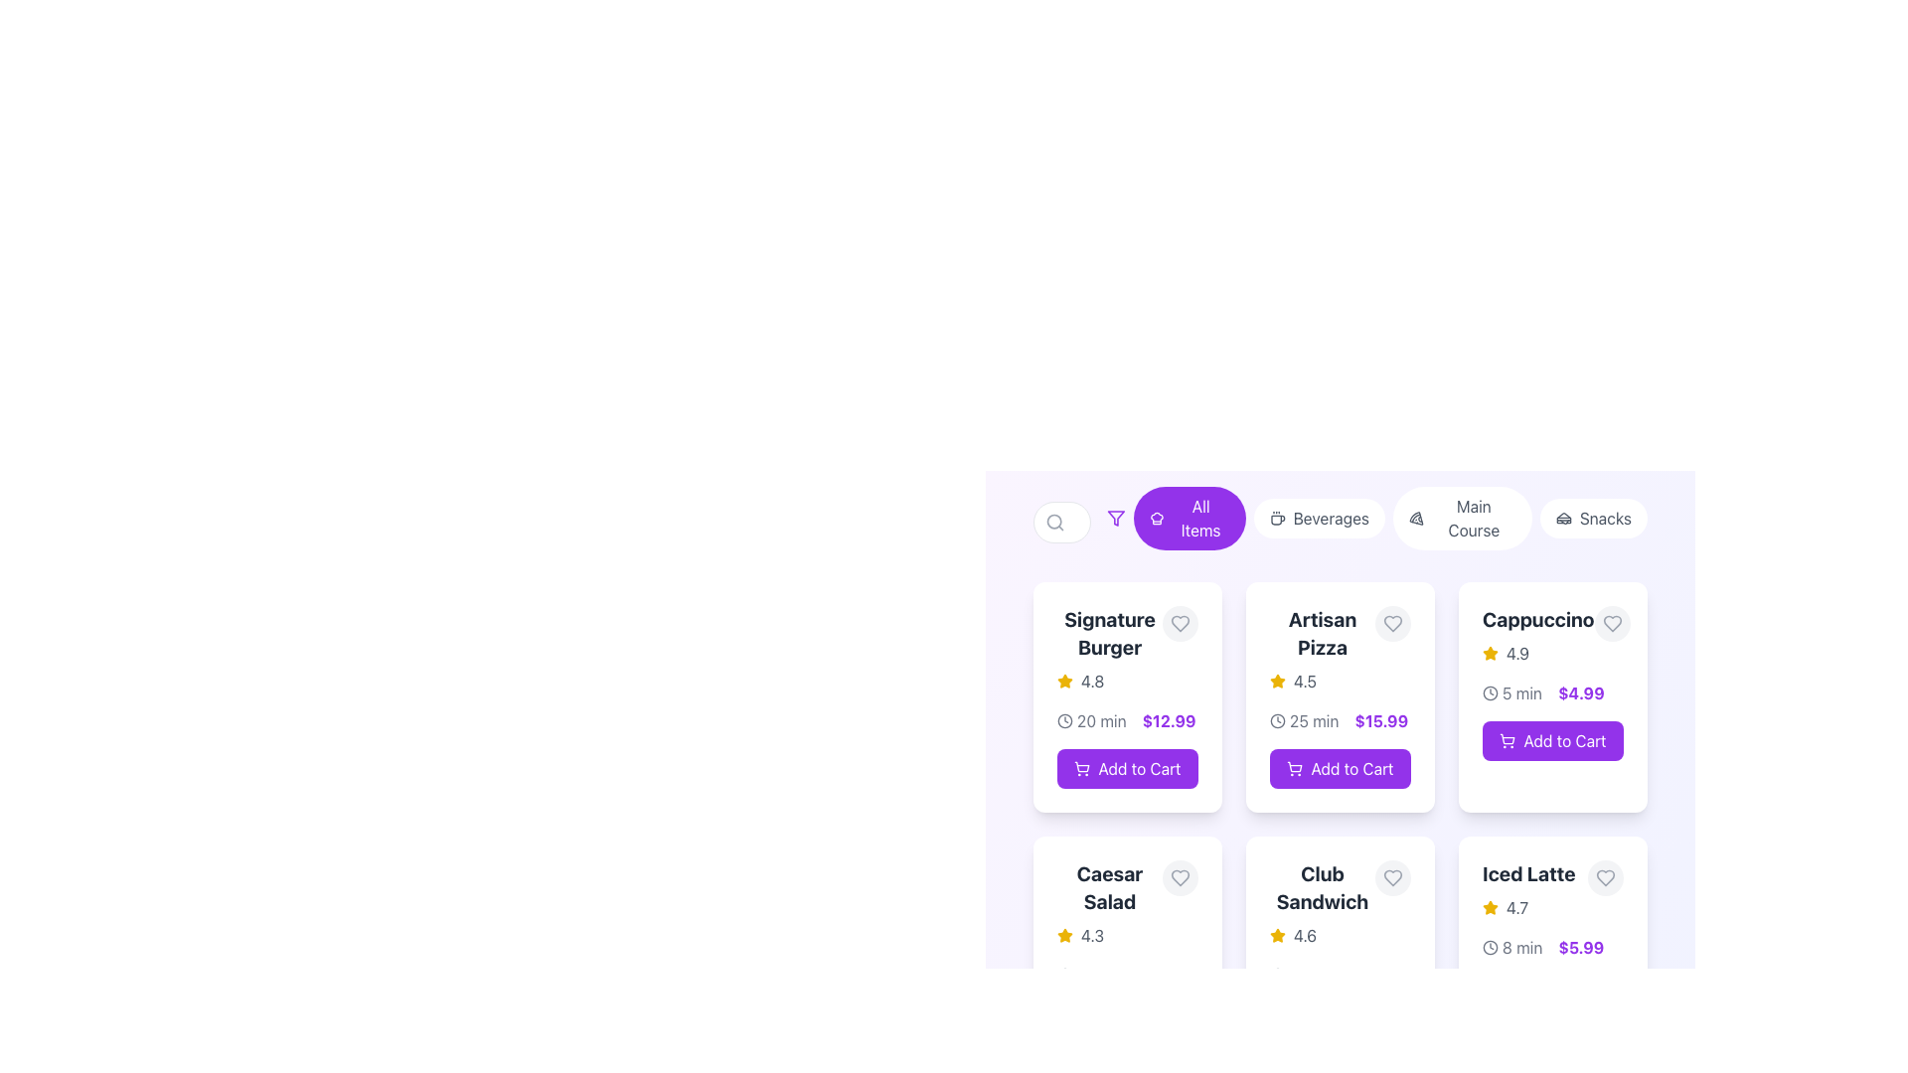 The image size is (1908, 1073). I want to click on the text displaying the rating '4.9', which is aligned next to a yellow star icon in a card layout, so click(1516, 654).